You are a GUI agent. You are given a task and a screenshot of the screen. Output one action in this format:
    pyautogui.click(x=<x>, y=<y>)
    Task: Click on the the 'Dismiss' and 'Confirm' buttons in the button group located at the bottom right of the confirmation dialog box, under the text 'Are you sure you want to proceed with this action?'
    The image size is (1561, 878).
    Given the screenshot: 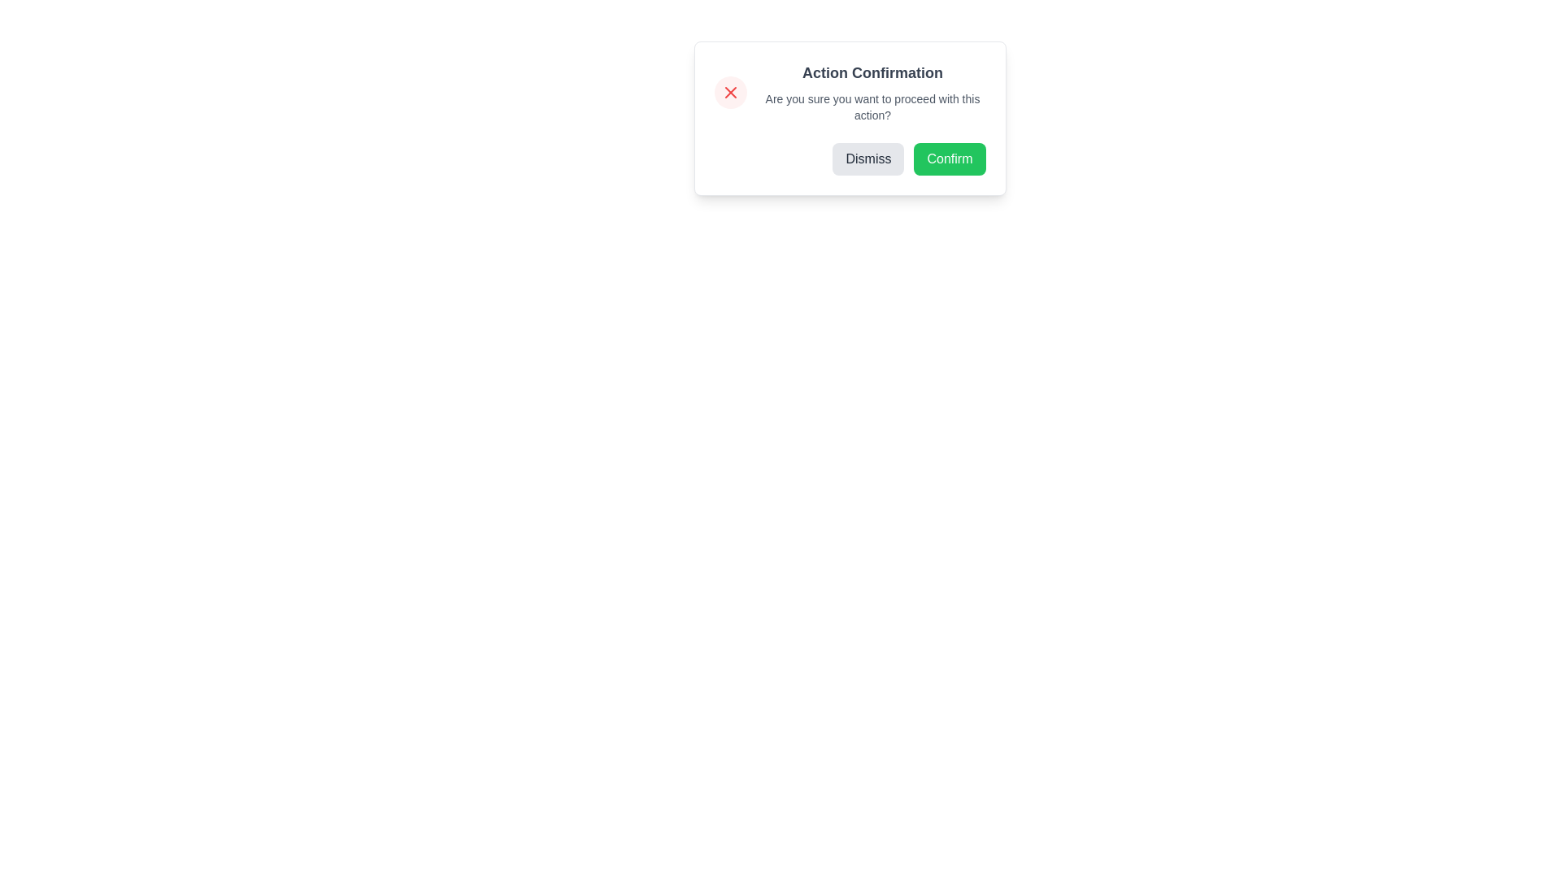 What is the action you would take?
    pyautogui.click(x=849, y=159)
    